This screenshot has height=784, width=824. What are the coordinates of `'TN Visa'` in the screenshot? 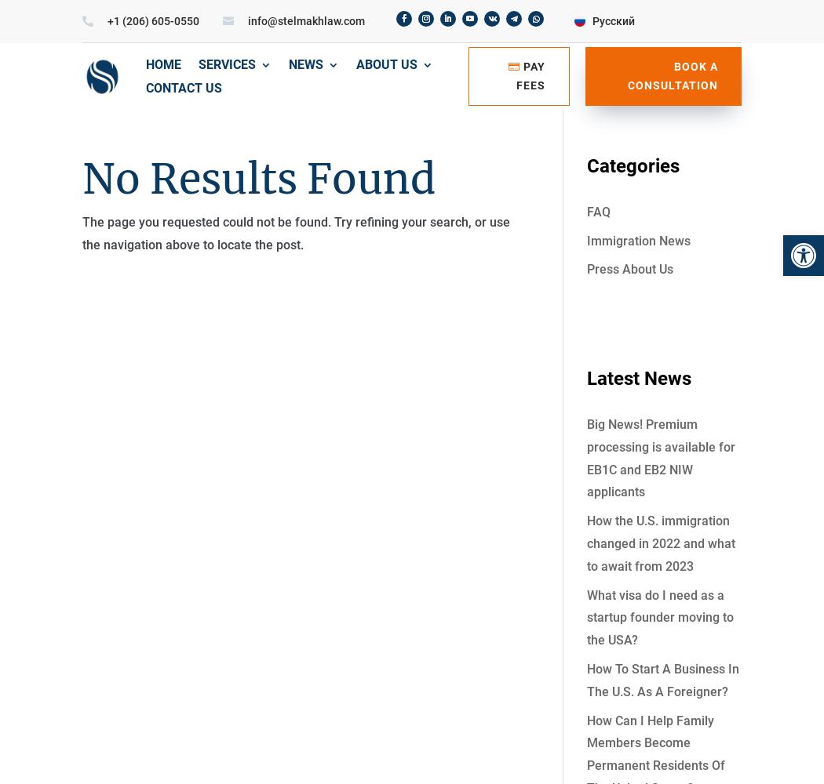 It's located at (432, 264).